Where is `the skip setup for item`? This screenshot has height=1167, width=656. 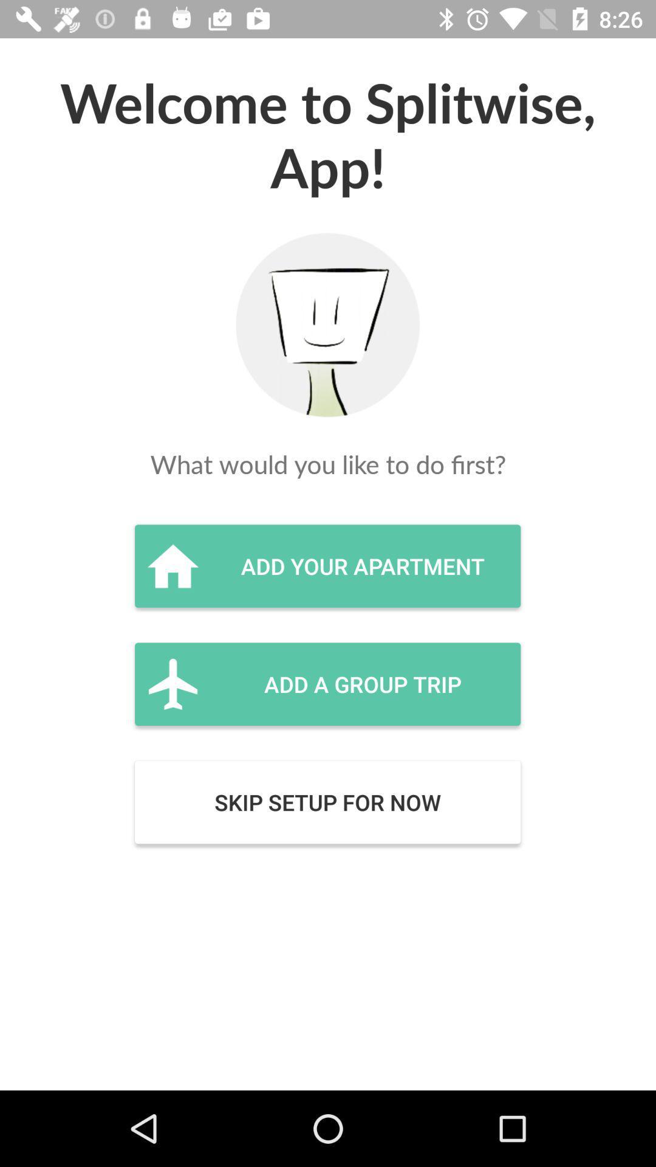
the skip setup for item is located at coordinates (327, 802).